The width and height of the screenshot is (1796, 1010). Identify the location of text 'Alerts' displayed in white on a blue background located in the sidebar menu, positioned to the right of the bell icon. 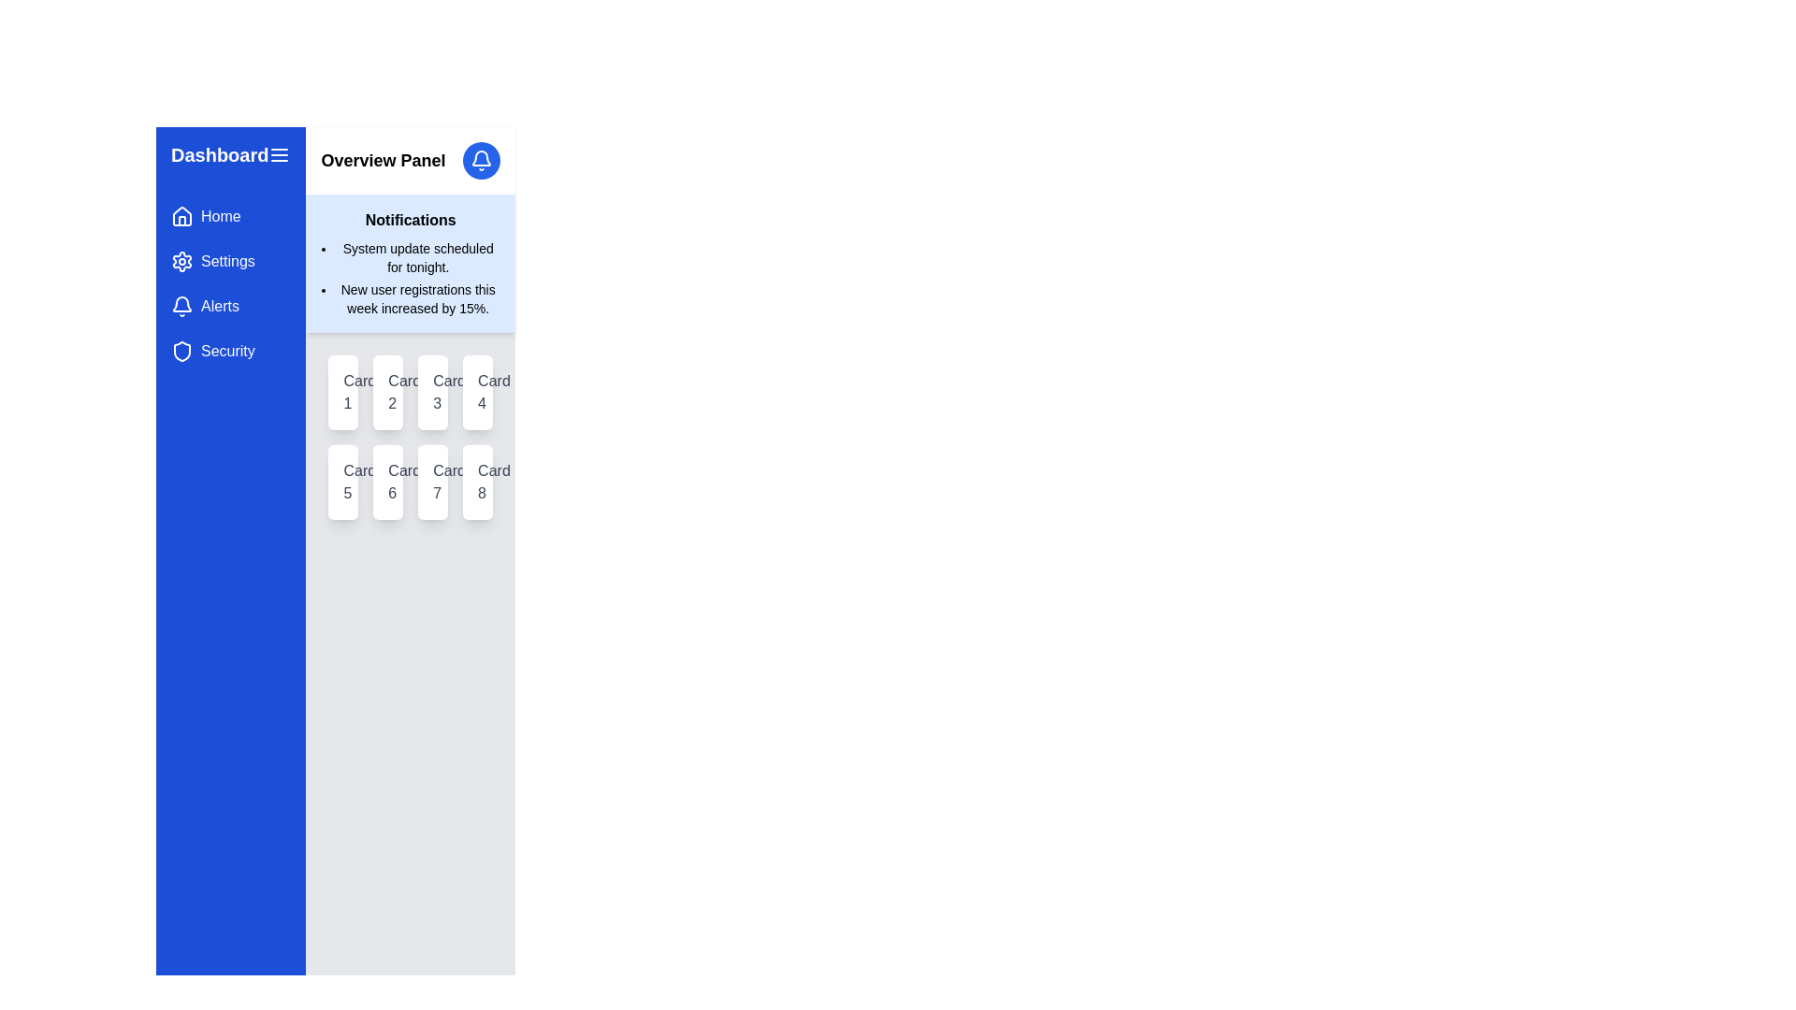
(220, 305).